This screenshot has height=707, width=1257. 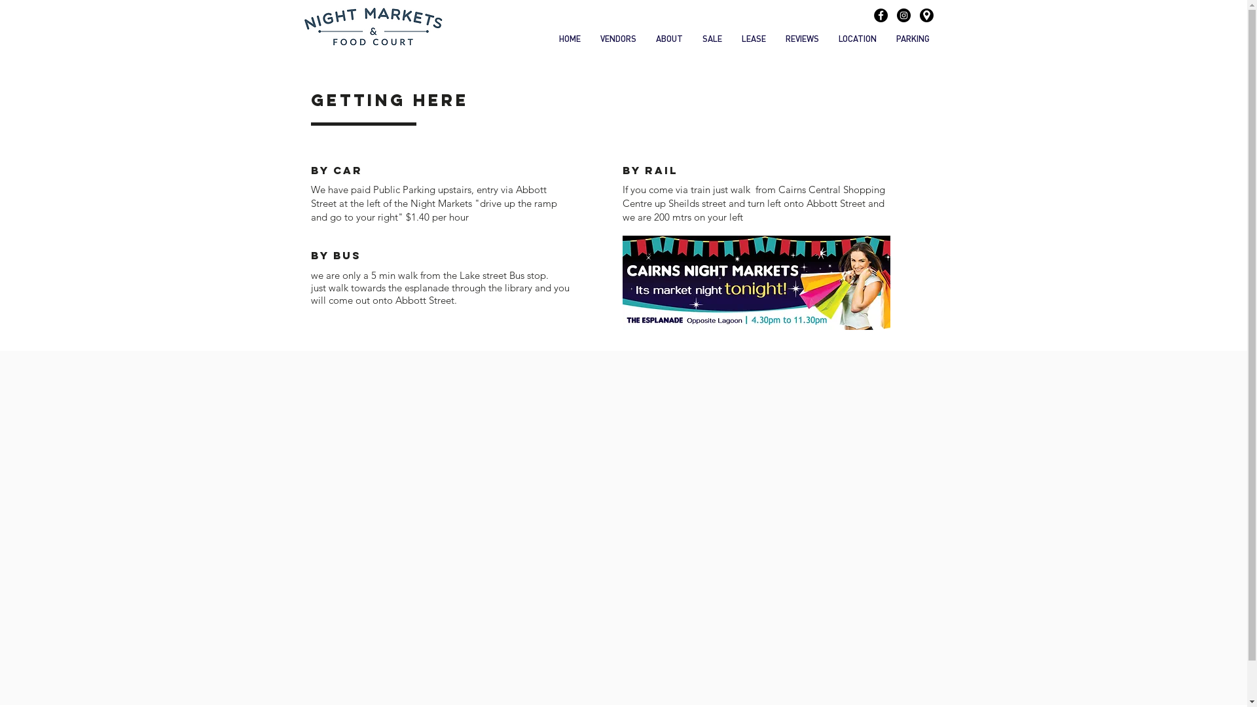 I want to click on 'VENDORS', so click(x=617, y=37).